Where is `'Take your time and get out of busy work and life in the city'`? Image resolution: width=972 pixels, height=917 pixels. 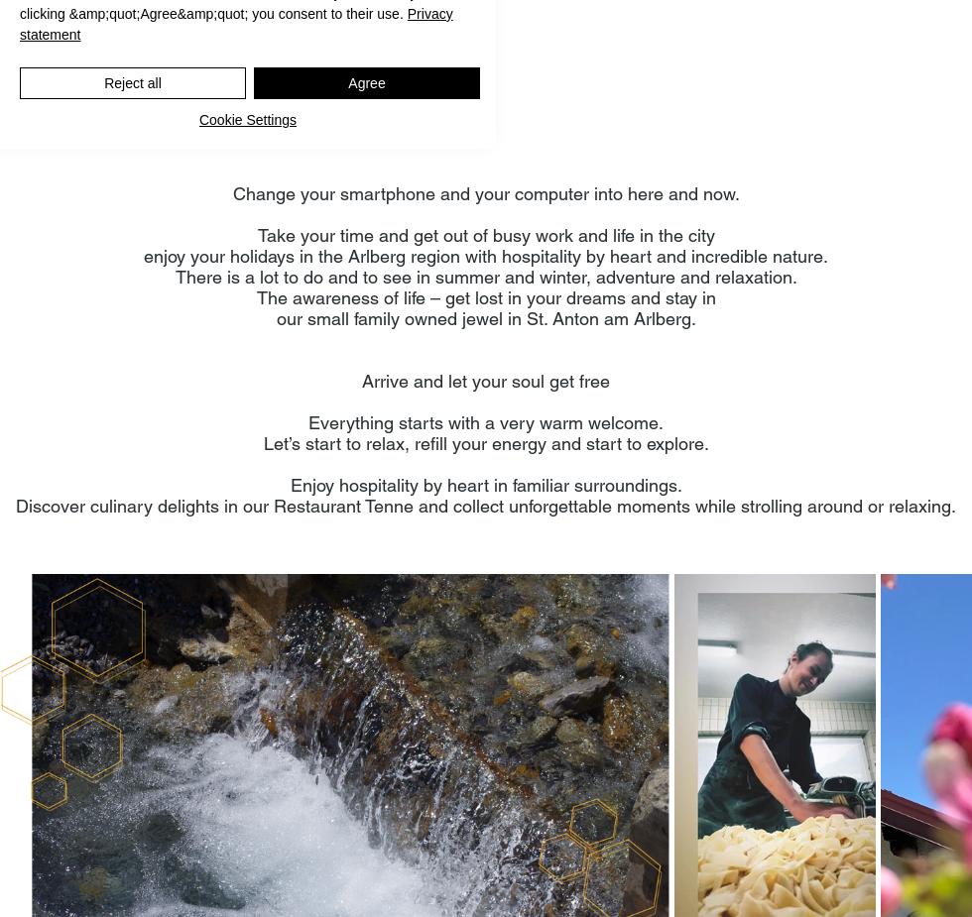
'Take your time and get out of busy work and life in the city' is located at coordinates (485, 234).